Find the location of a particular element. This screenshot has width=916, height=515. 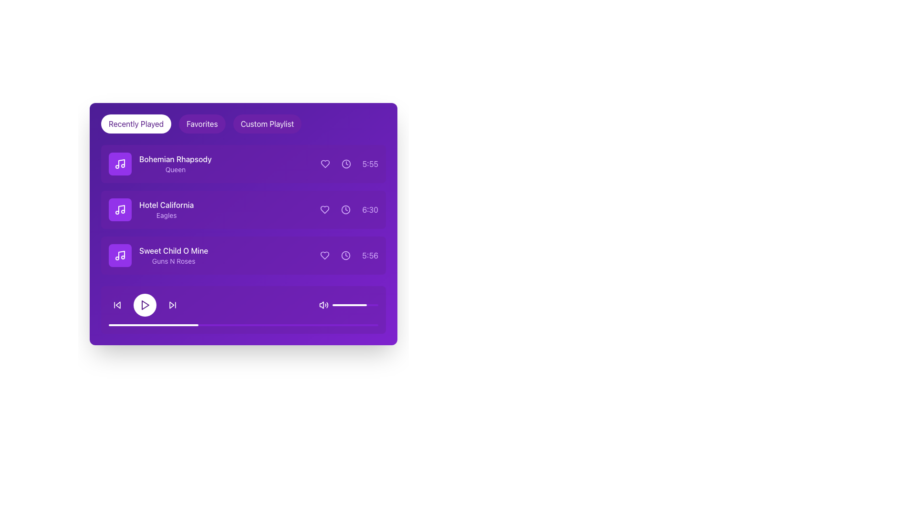

the skip to next track button is located at coordinates (172, 305).